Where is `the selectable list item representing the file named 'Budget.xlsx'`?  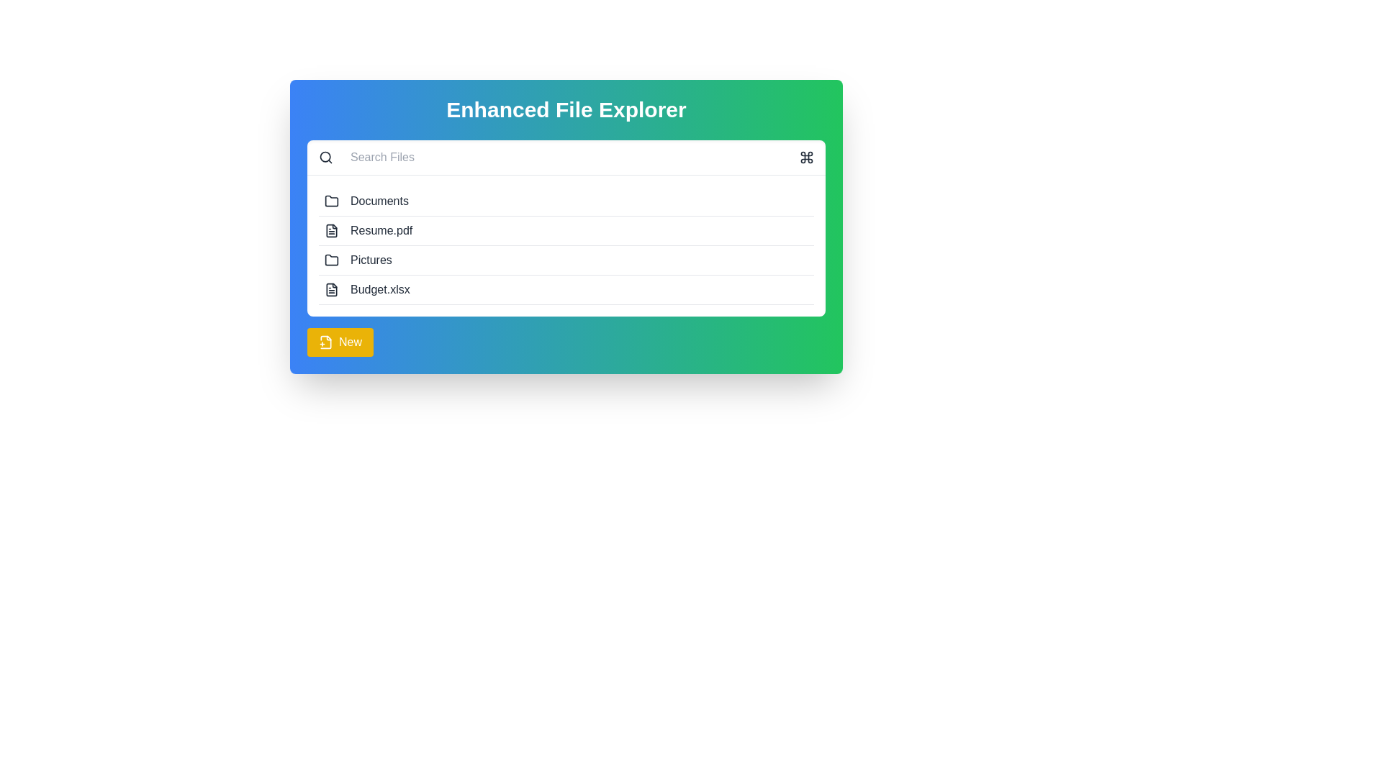 the selectable list item representing the file named 'Budget.xlsx' is located at coordinates (566, 290).